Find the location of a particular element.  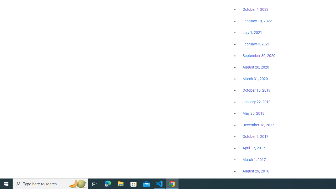

'March 1, 2017' is located at coordinates (254, 159).